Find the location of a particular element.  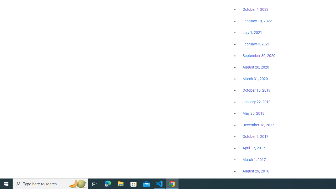

'March 1, 2017' is located at coordinates (254, 159).